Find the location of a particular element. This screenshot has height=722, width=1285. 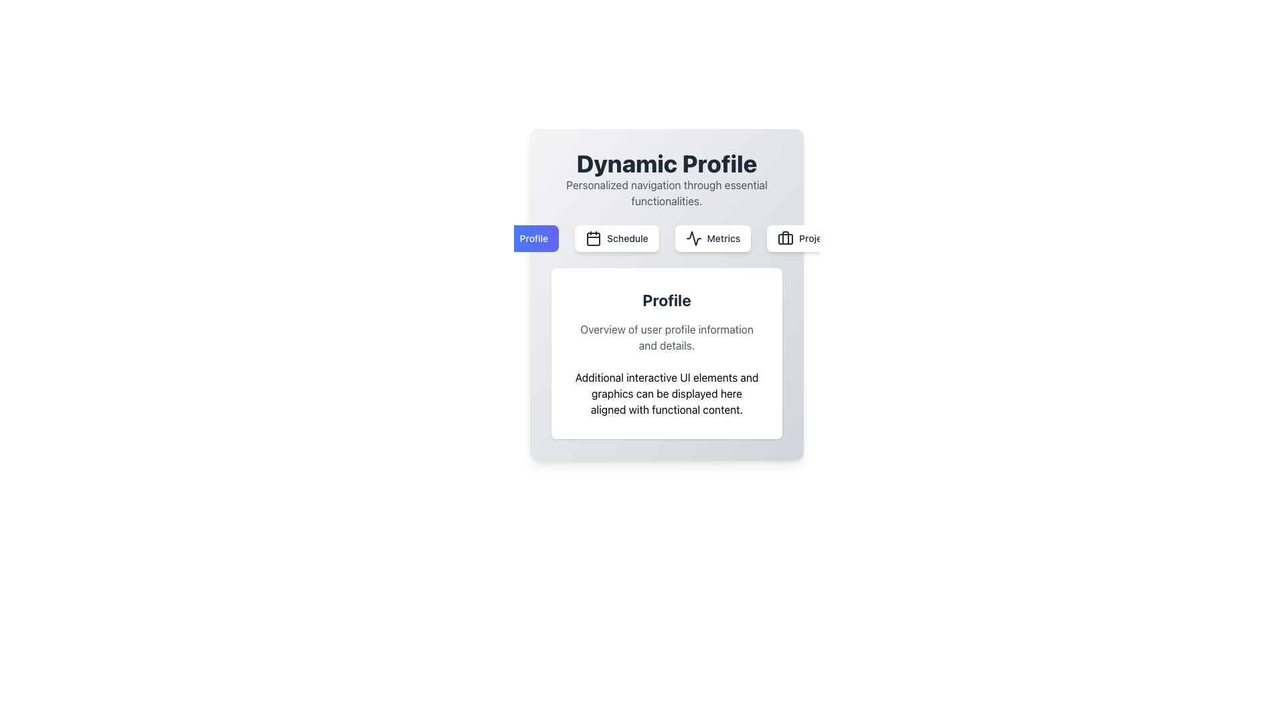

the 'Projects' text label located next to the briefcase icon in the last navigation button under the 'Dynamic Profile' heading is located at coordinates (817, 238).